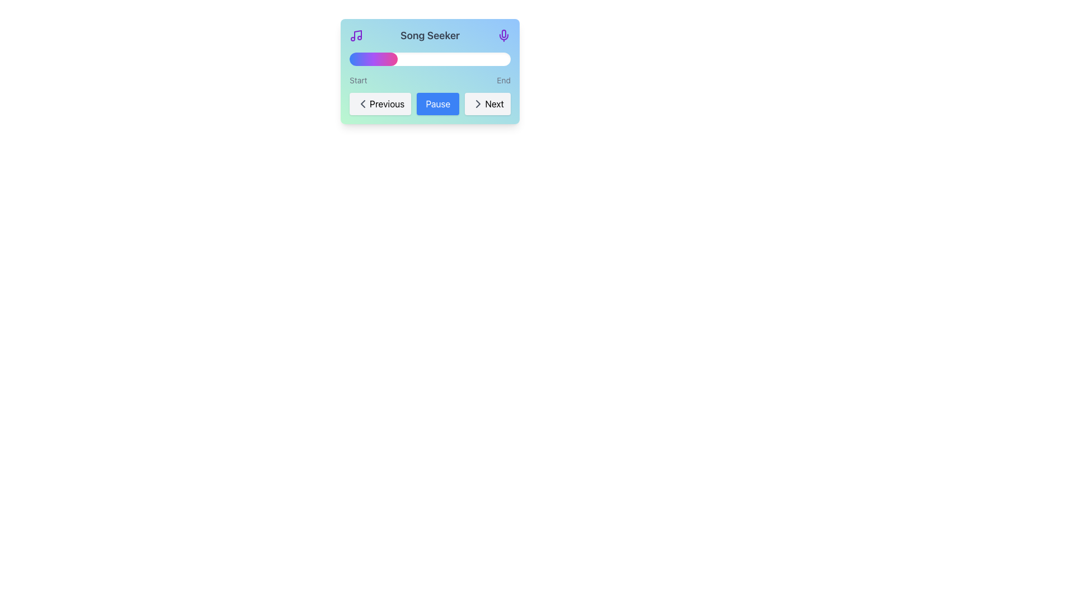 The width and height of the screenshot is (1074, 604). What do you see at coordinates (380, 103) in the screenshot?
I see `the leftmost button` at bounding box center [380, 103].